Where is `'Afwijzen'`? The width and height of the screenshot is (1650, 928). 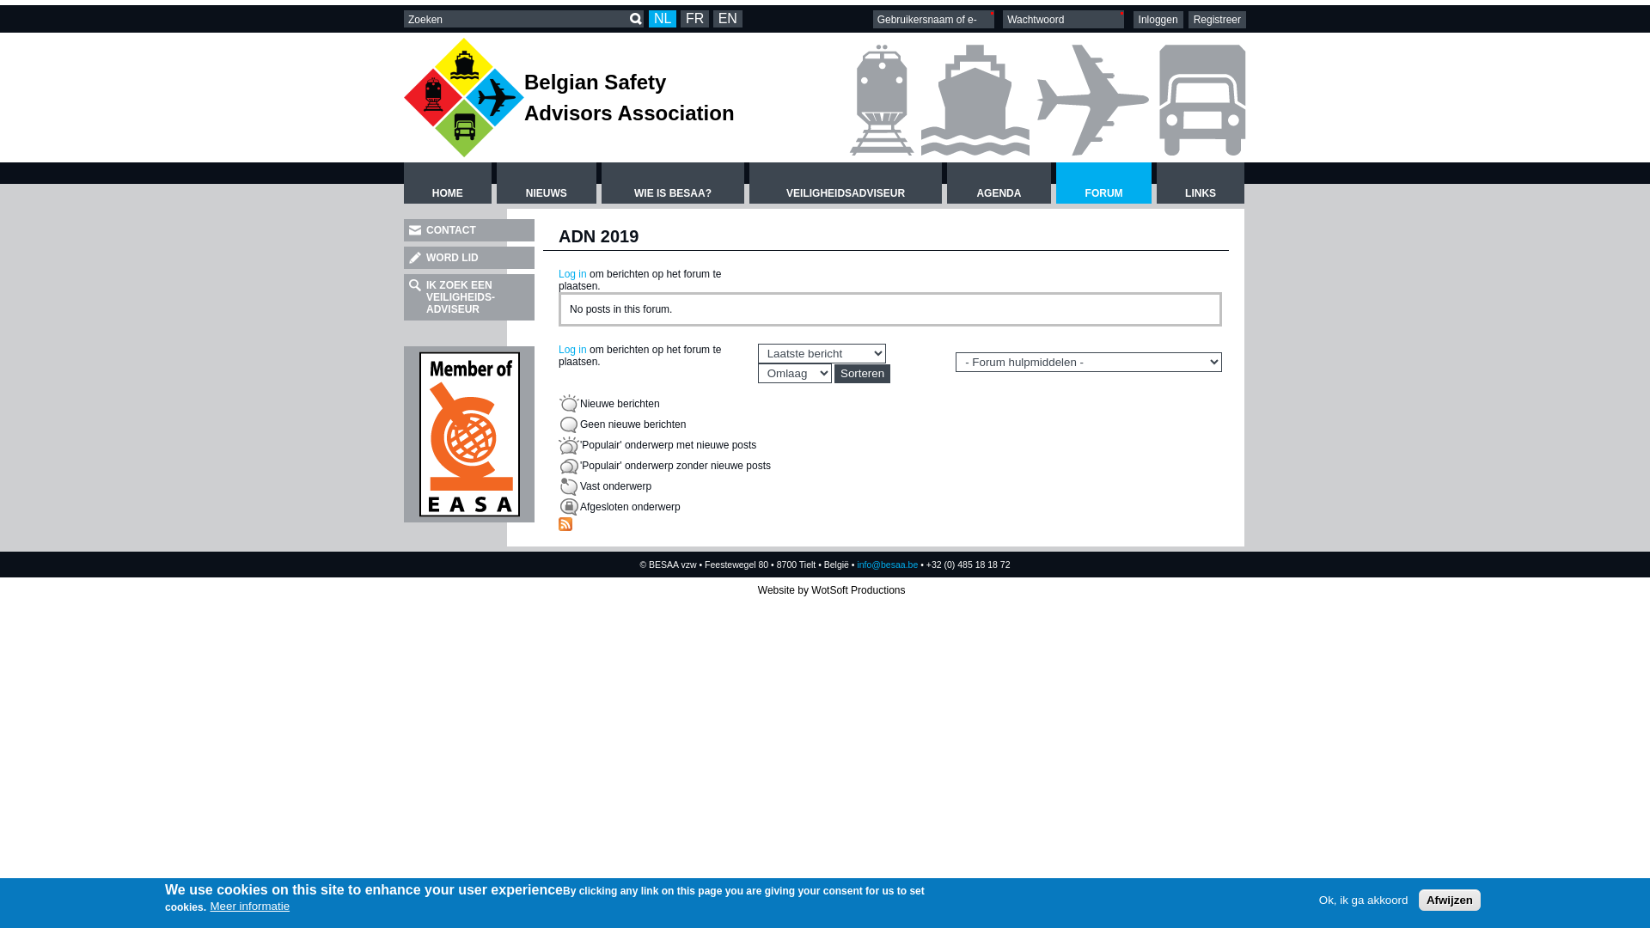
'Afwijzen' is located at coordinates (1448, 899).